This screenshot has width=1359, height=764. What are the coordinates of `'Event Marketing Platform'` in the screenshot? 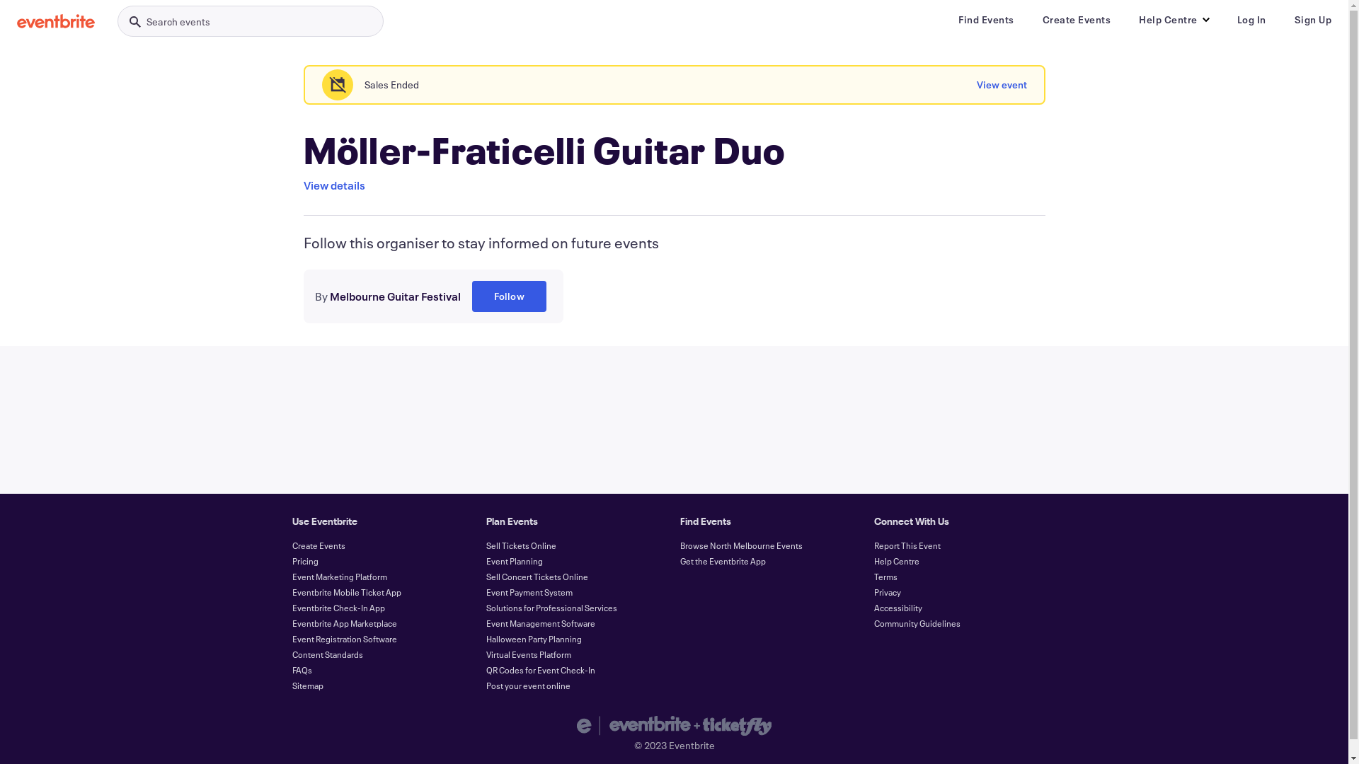 It's located at (338, 576).